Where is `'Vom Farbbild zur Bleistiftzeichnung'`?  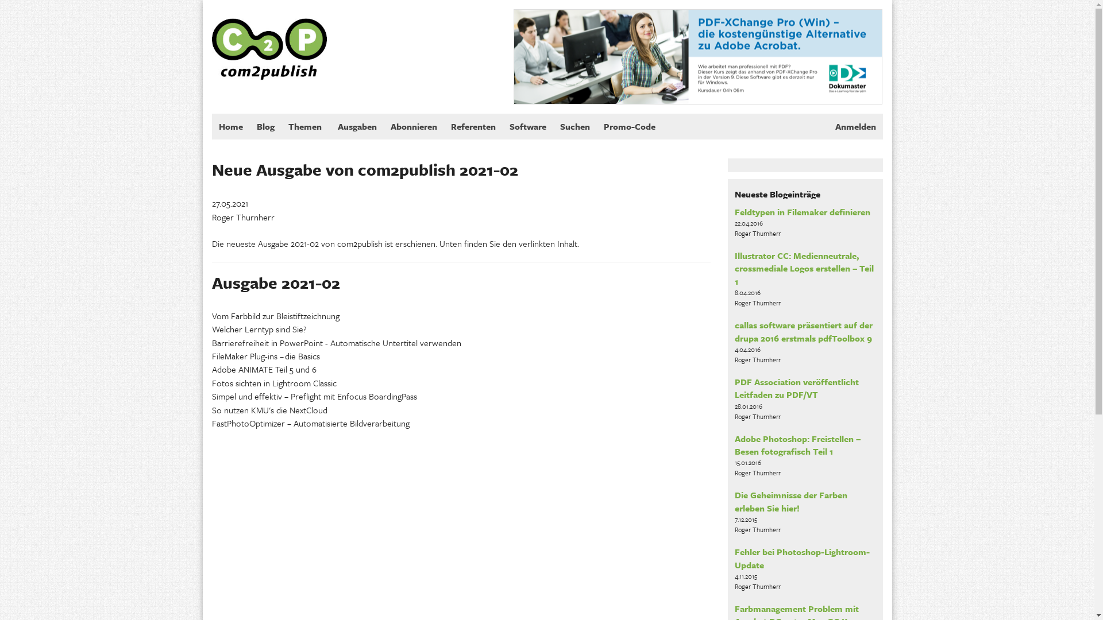 'Vom Farbbild zur Bleistiftzeichnung' is located at coordinates (275, 316).